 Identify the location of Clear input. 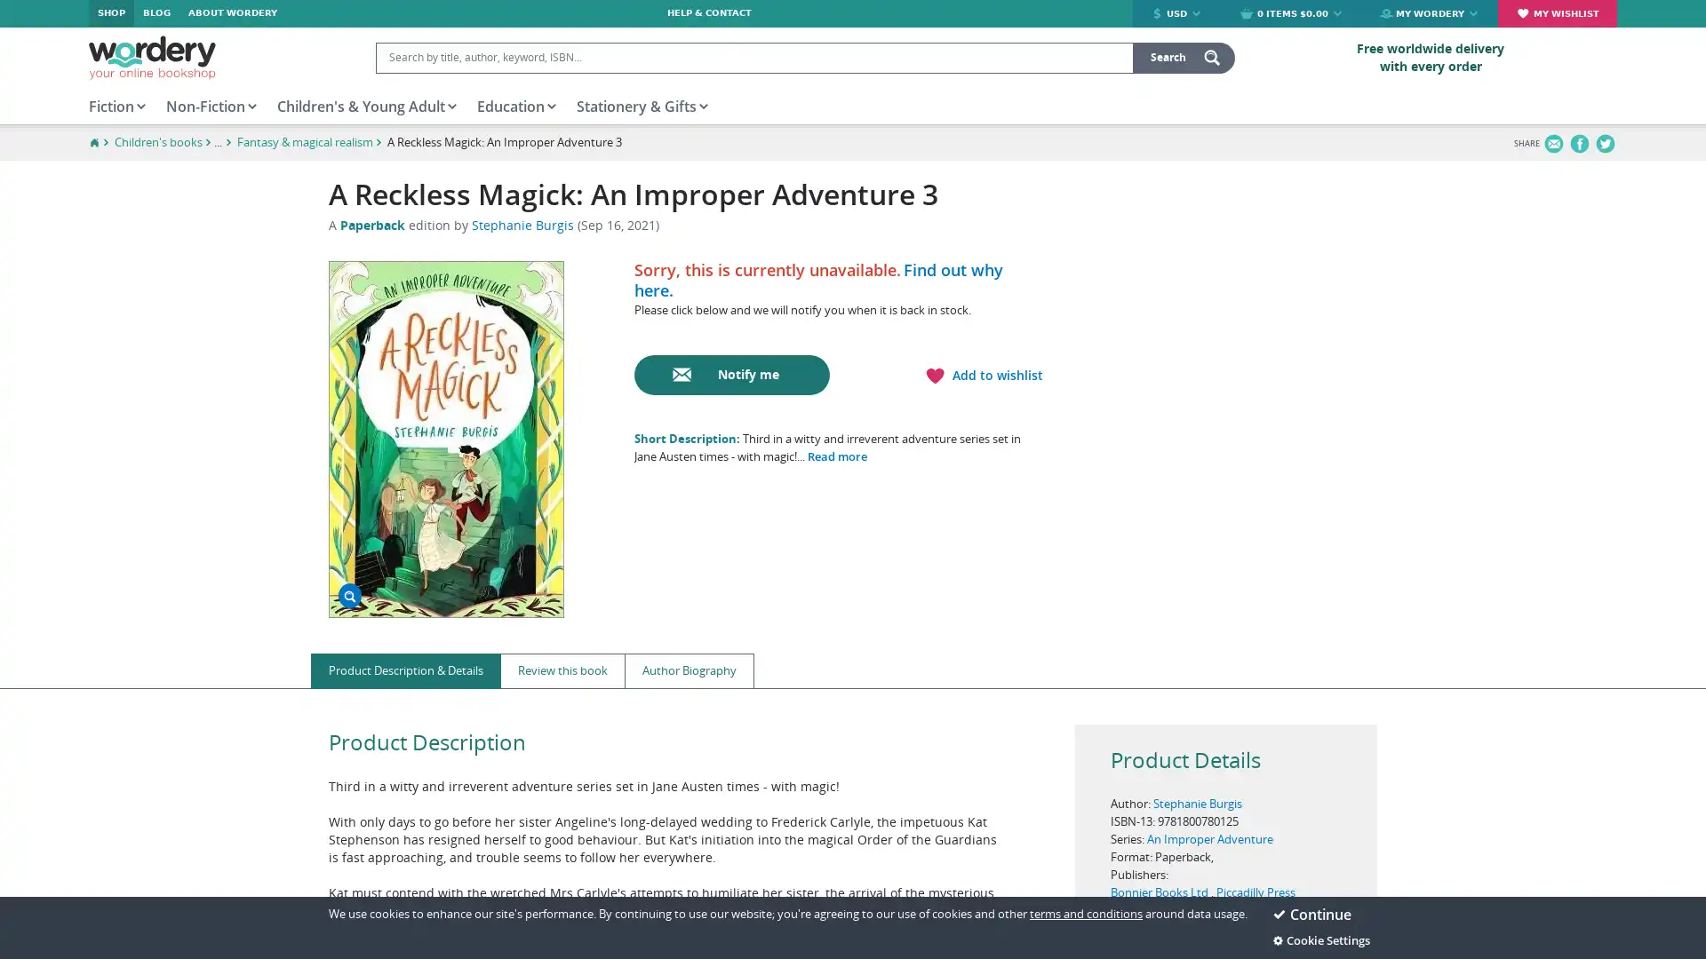
(1116, 56).